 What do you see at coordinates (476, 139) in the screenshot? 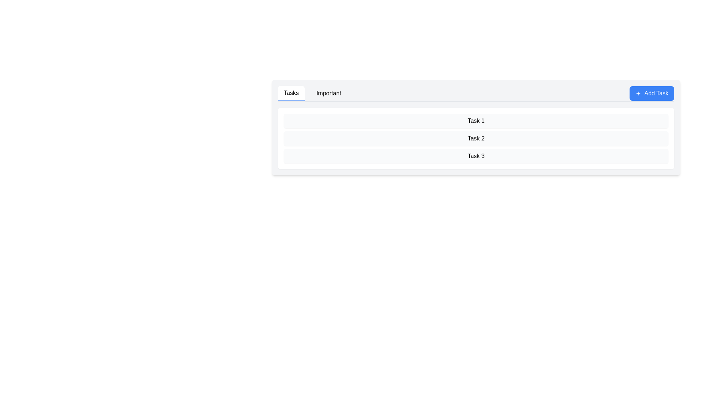
I see `the static text label displaying 'Task 2', which is the second item in a vertical list of task items` at bounding box center [476, 139].